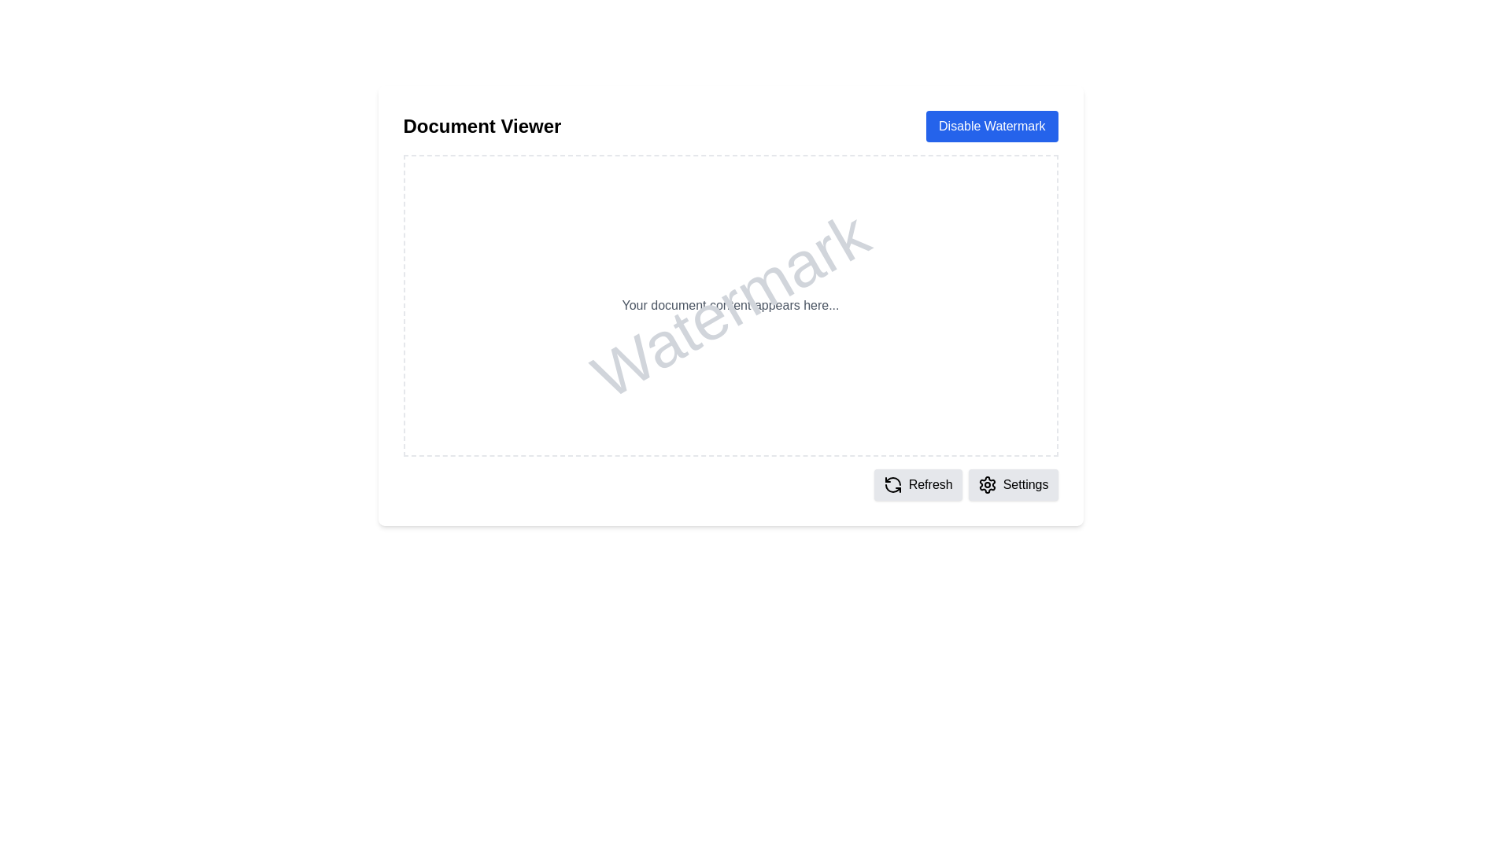 This screenshot has width=1511, height=849. Describe the element at coordinates (986, 484) in the screenshot. I see `the gear icon located in the bottom-right section of the interface` at that location.